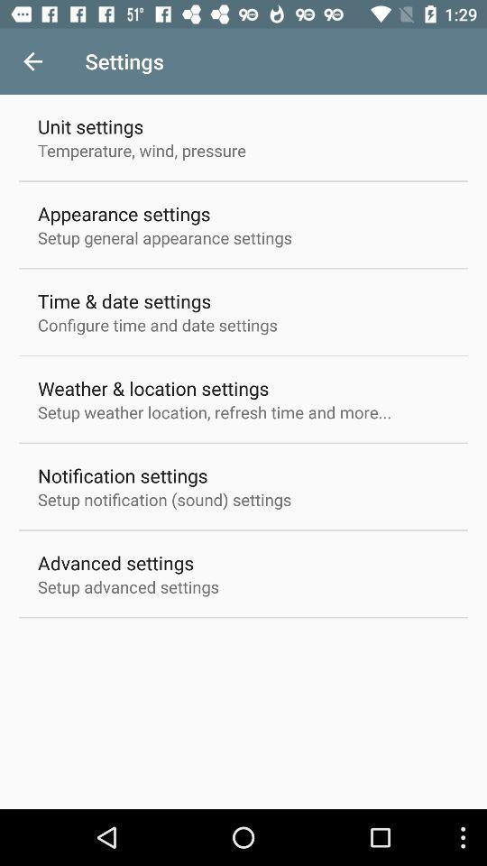 The image size is (487, 866). What do you see at coordinates (164, 499) in the screenshot?
I see `the item above the advanced settings icon` at bounding box center [164, 499].